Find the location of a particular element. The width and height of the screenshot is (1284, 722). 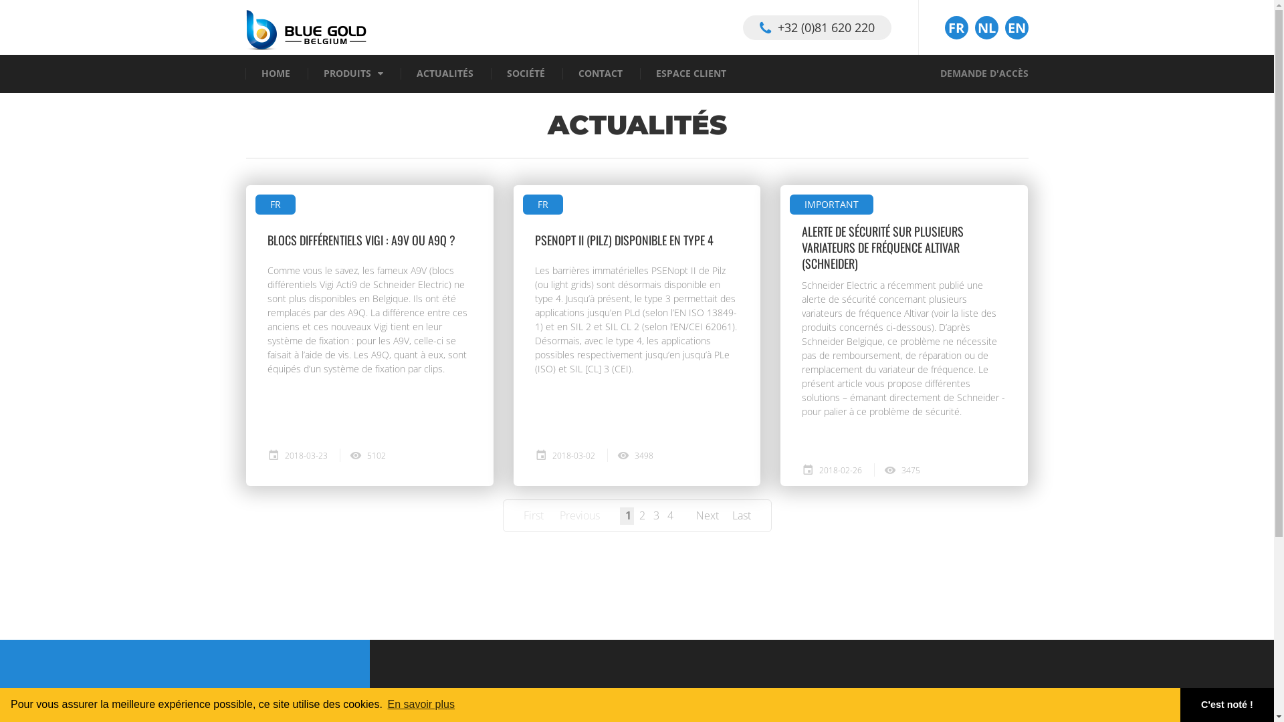

'3' is located at coordinates (655, 515).